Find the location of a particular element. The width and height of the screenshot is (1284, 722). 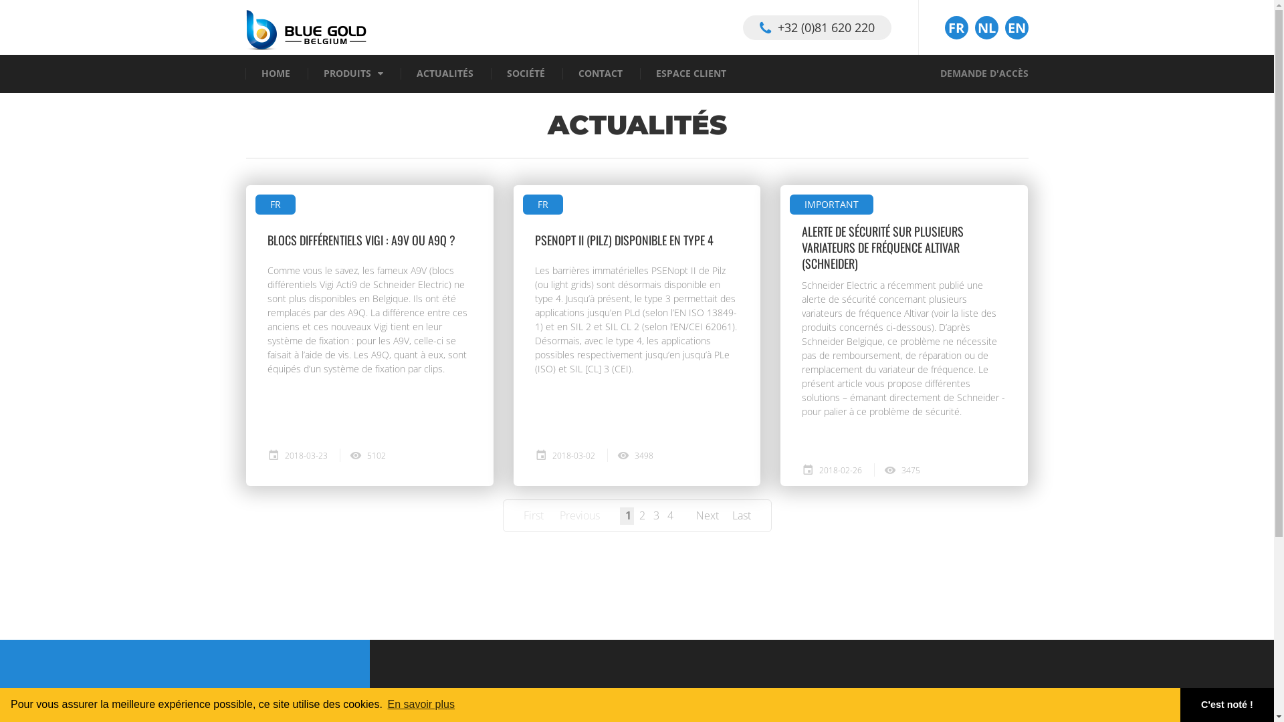

'3' is located at coordinates (655, 515).